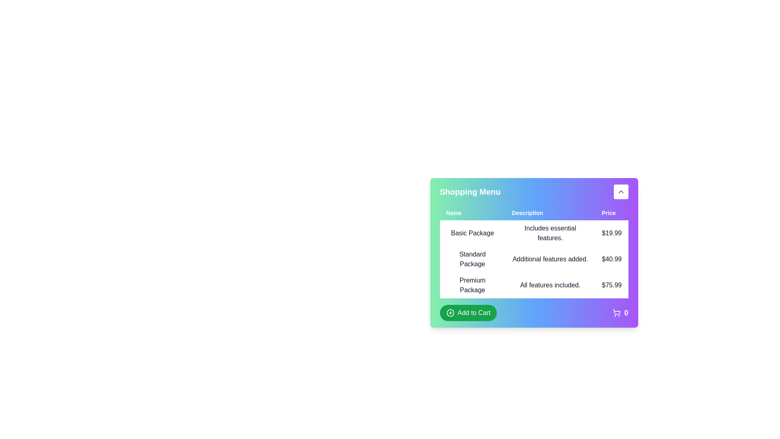 The image size is (780, 439). Describe the element at coordinates (550, 233) in the screenshot. I see `the text label that contains the phrase 'Includes essential features.' positioned in the second column of the package pricing table under the 'Description' heading` at that location.